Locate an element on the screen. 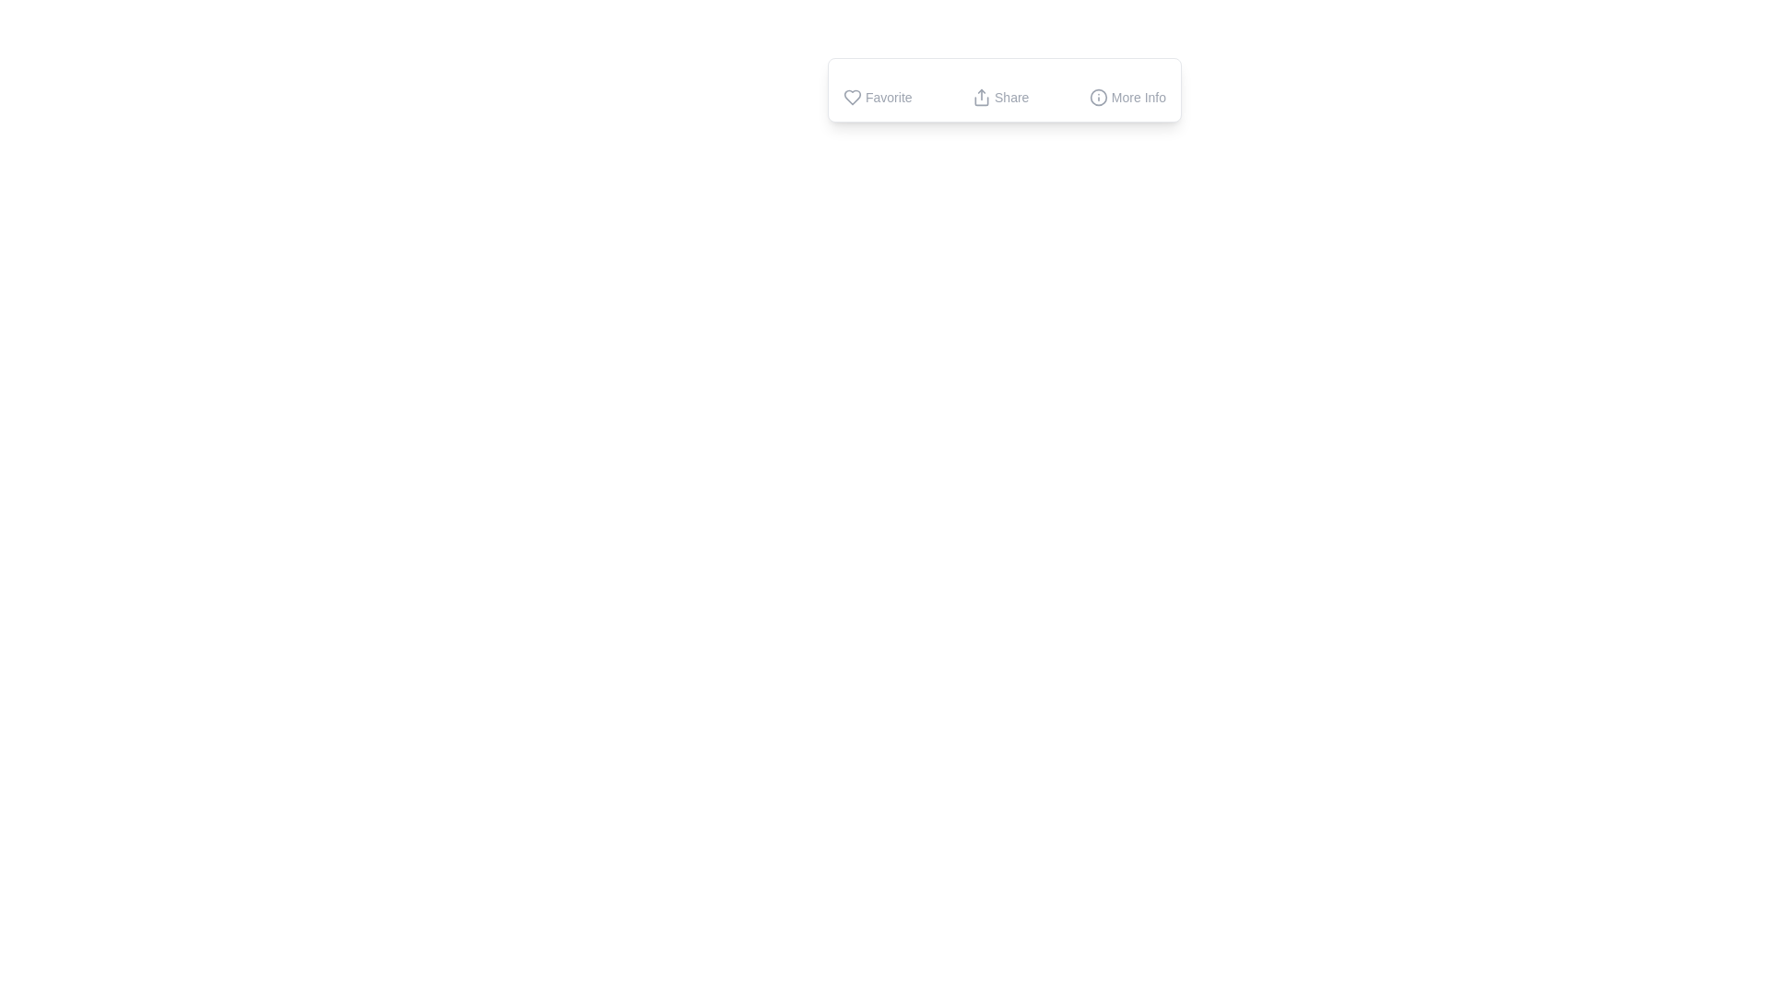 The height and width of the screenshot is (995, 1770). the Share button on the Interactive Toolbar, which is a compact horizontal toolbar with a white background and grey border, containing three icons arranged from left to right is located at coordinates (1003, 89).